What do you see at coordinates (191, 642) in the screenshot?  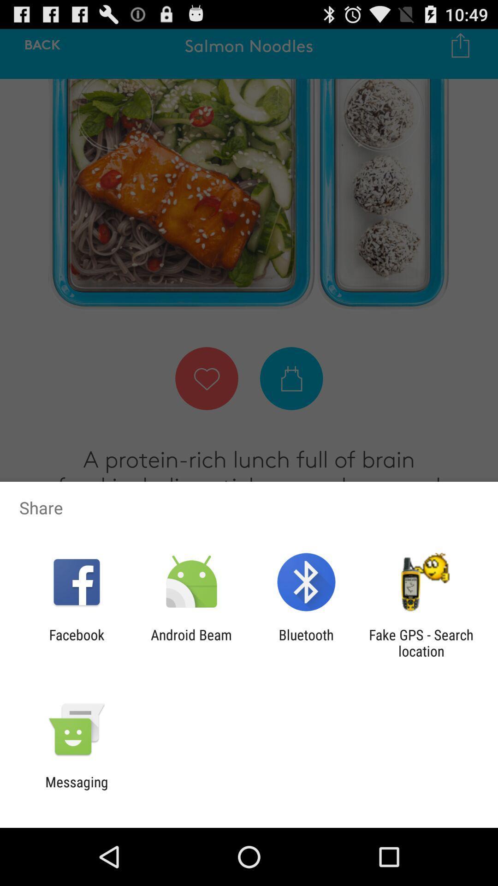 I see `the android beam` at bounding box center [191, 642].